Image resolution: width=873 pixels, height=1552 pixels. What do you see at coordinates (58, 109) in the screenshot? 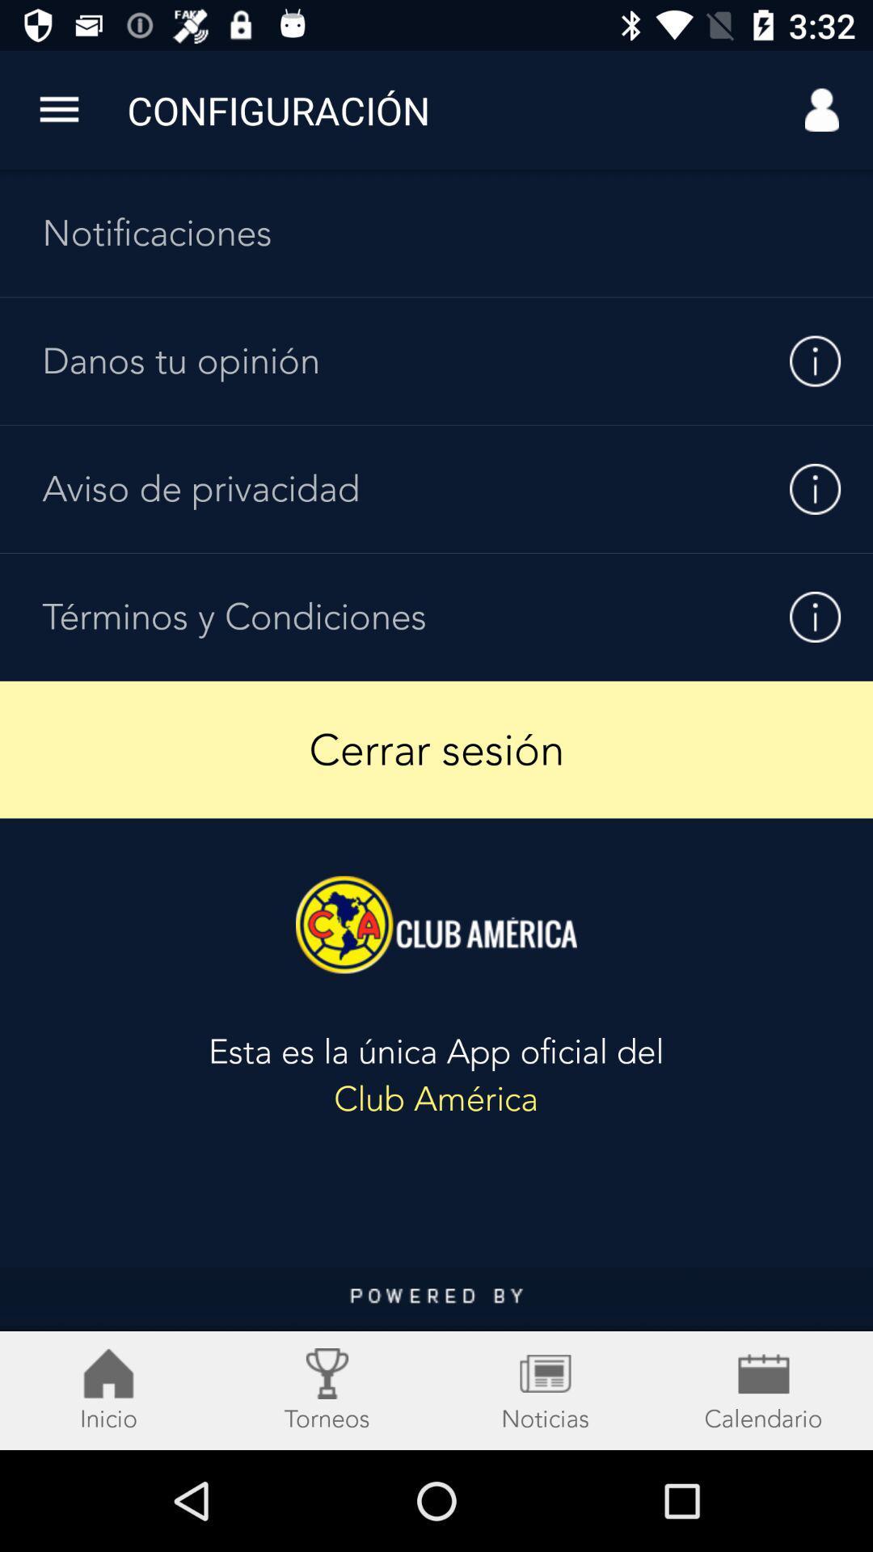
I see `open menu` at bounding box center [58, 109].